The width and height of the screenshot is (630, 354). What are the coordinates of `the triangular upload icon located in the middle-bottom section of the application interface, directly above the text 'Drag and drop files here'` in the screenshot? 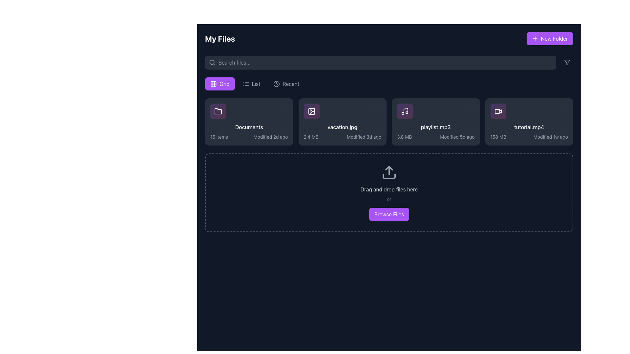 It's located at (389, 168).